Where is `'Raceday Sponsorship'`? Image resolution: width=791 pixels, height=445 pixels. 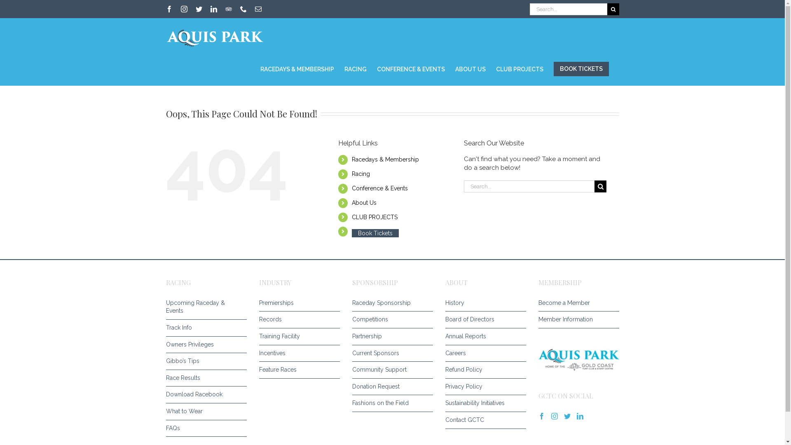 'Raceday Sponsorship' is located at coordinates (389, 303).